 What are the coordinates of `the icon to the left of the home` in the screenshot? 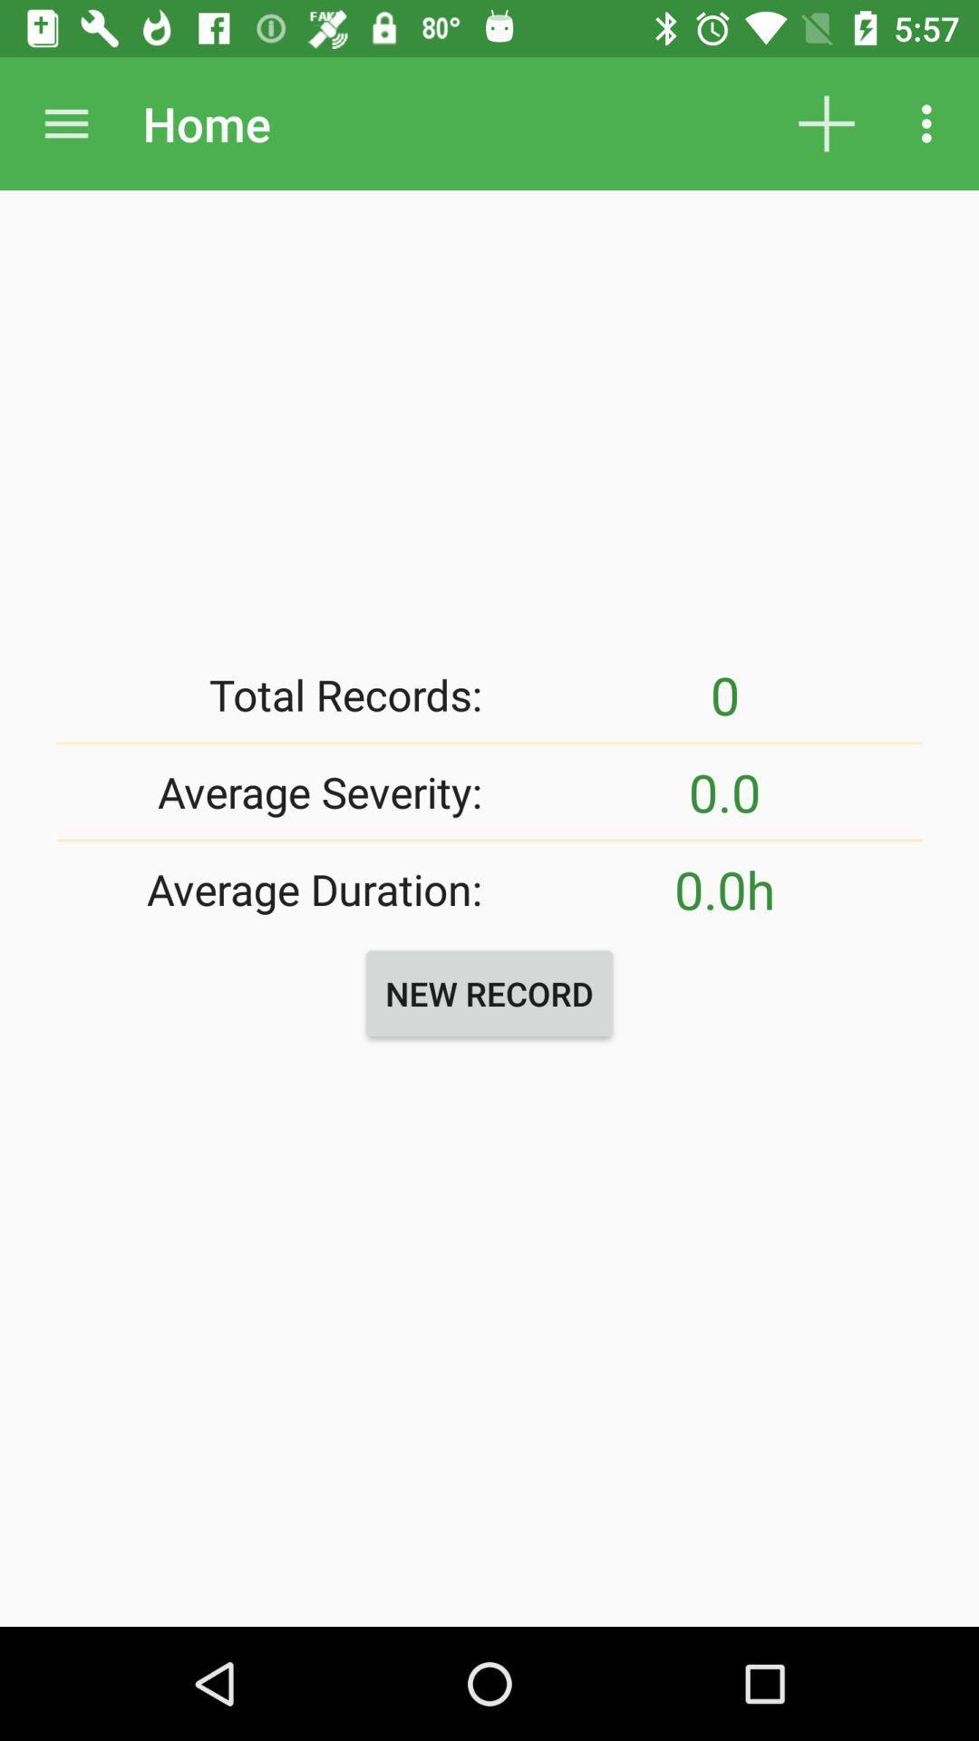 It's located at (65, 122).